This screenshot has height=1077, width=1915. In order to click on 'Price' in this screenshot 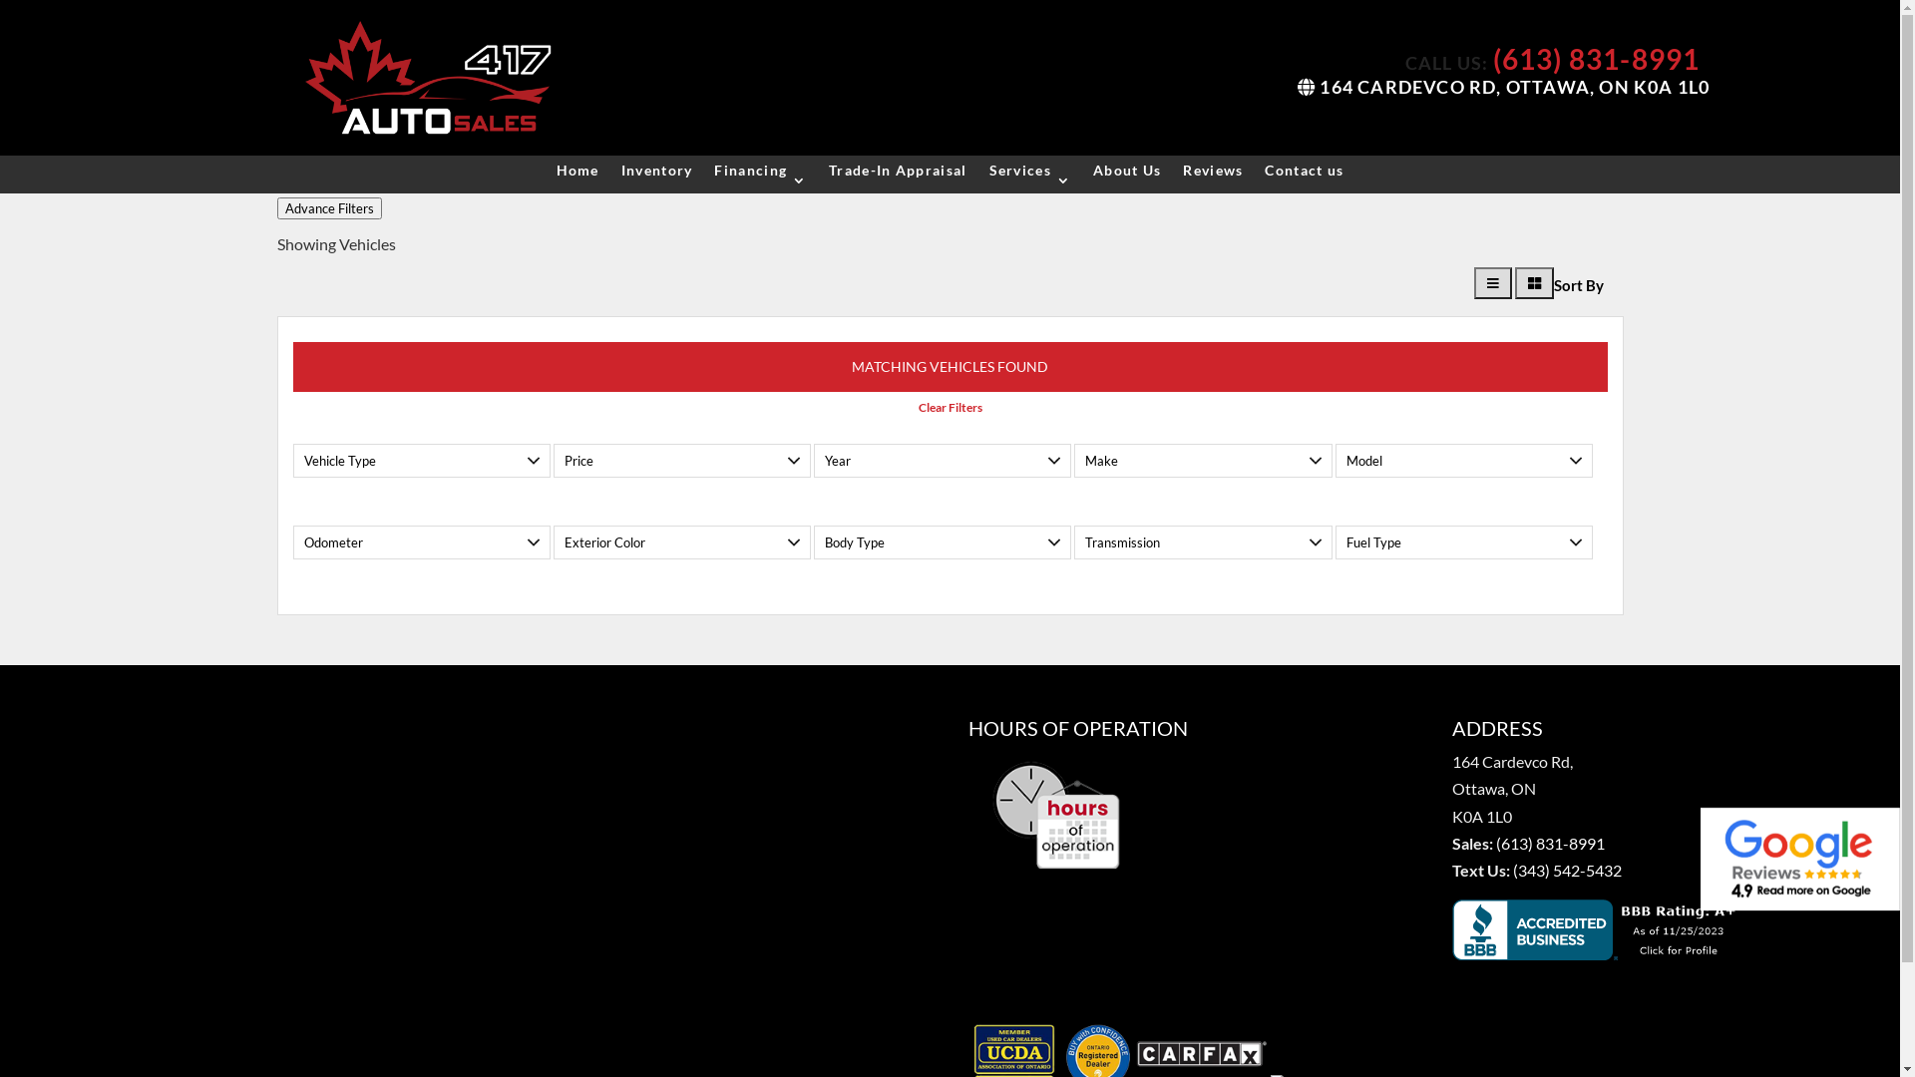, I will do `click(682, 461)`.